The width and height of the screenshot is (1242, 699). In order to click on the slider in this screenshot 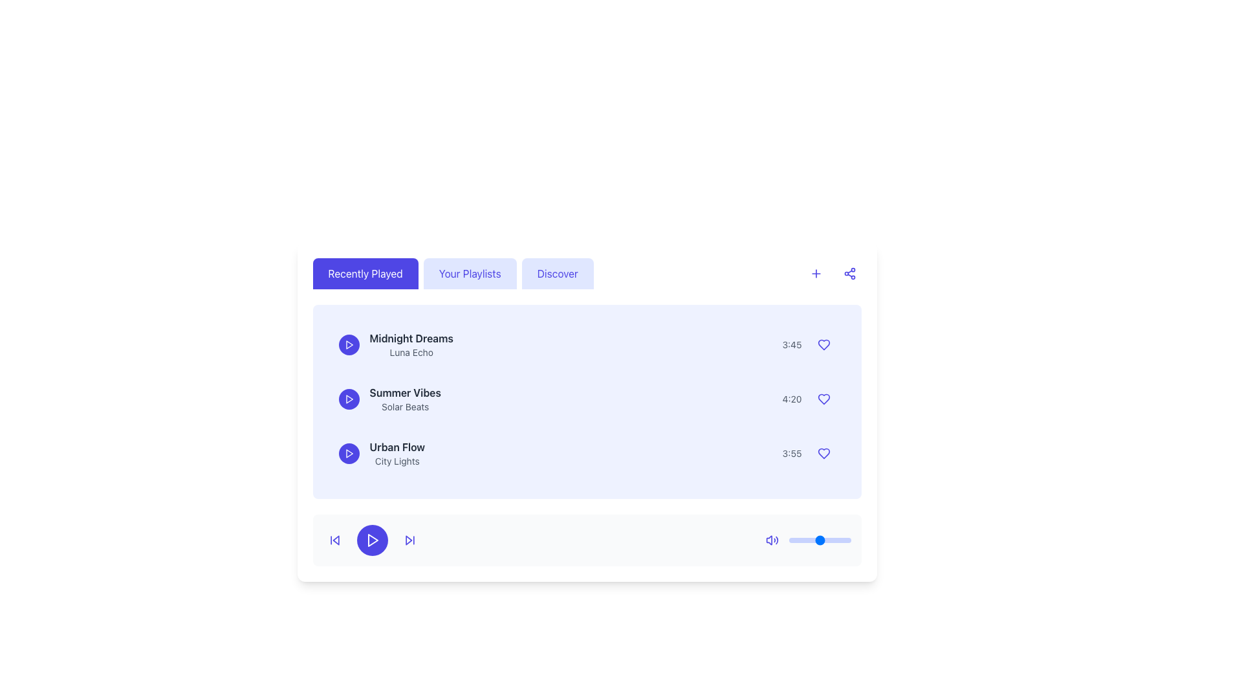, I will do `click(837, 540)`.